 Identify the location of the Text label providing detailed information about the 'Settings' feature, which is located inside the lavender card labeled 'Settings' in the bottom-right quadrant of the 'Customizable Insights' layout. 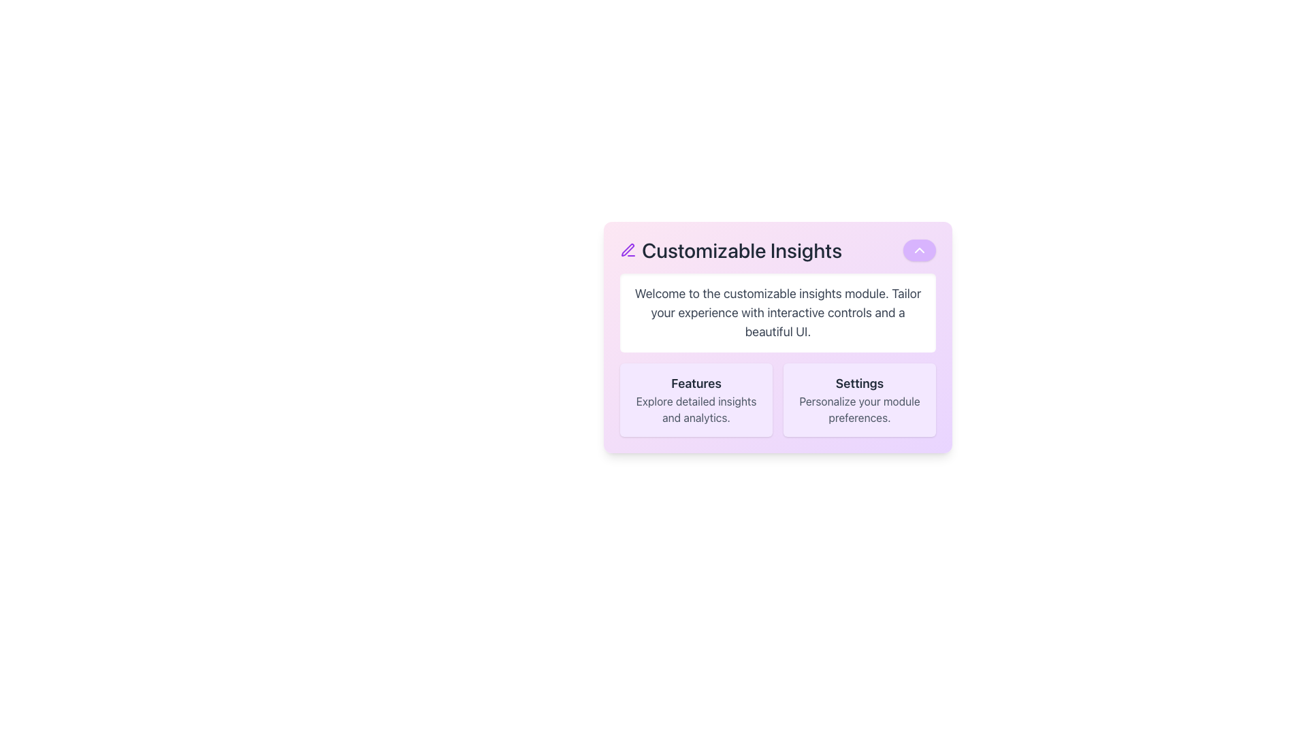
(858, 408).